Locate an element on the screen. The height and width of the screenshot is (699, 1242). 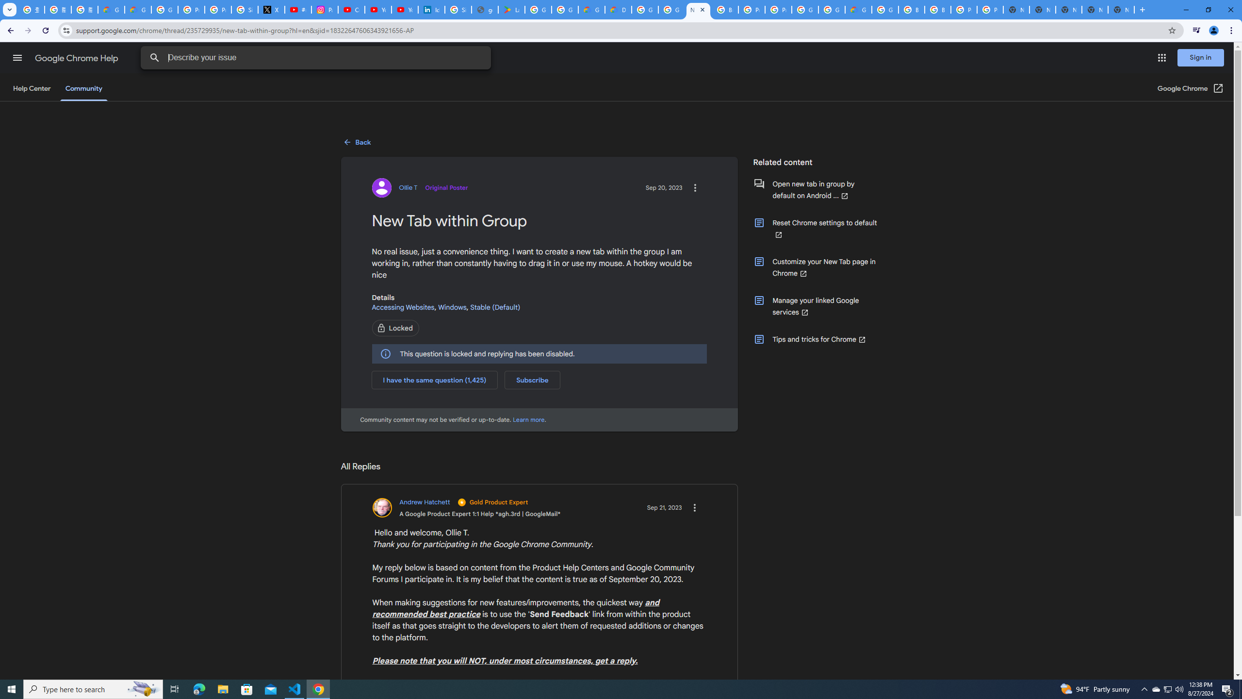
'Manage your linked Google services (Opens in a new window)' is located at coordinates (815, 305).